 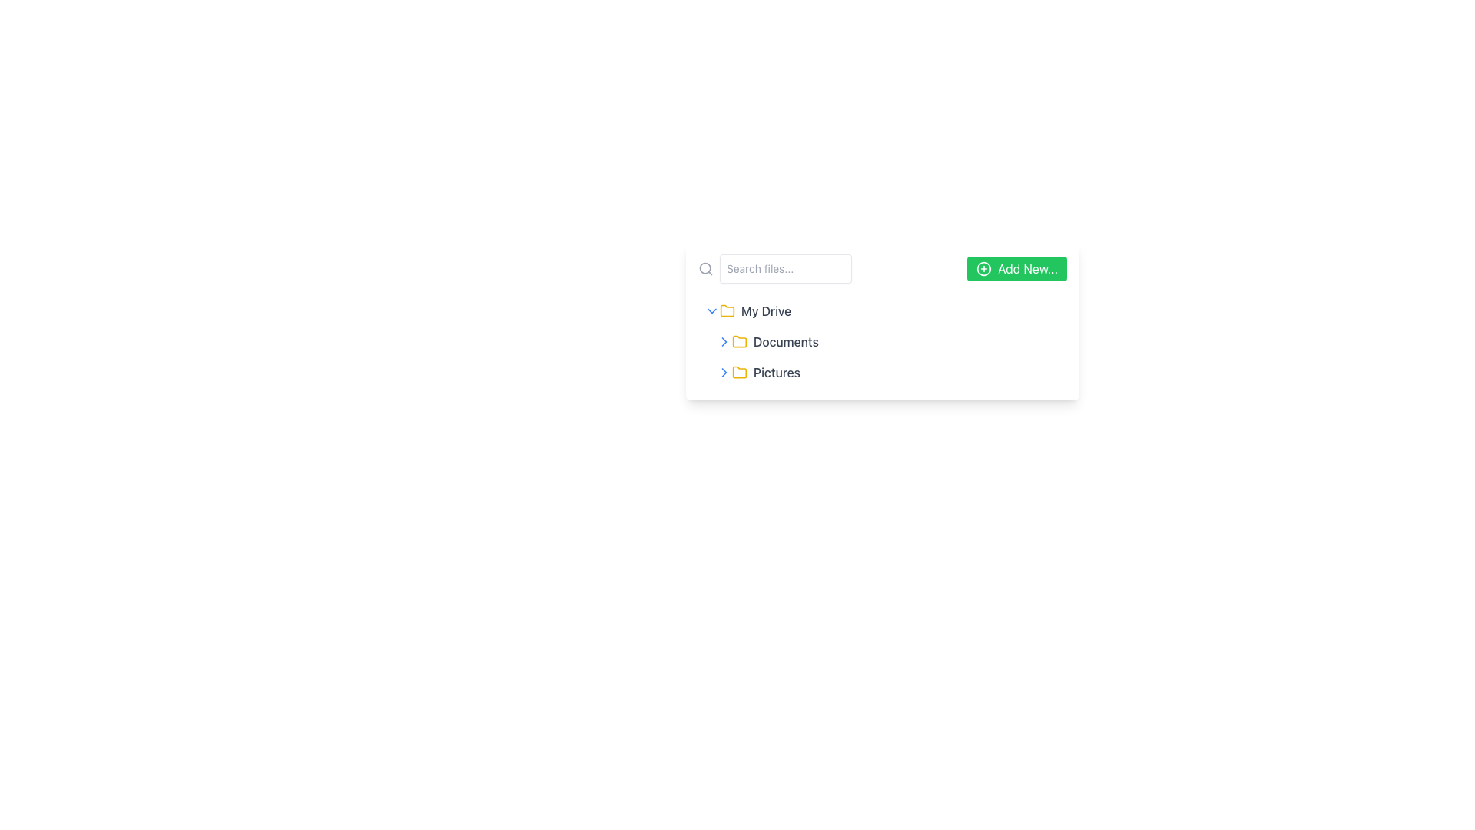 I want to click on the chevron icon on the left side of the Pictures folder row in the file navigation list, so click(x=723, y=373).